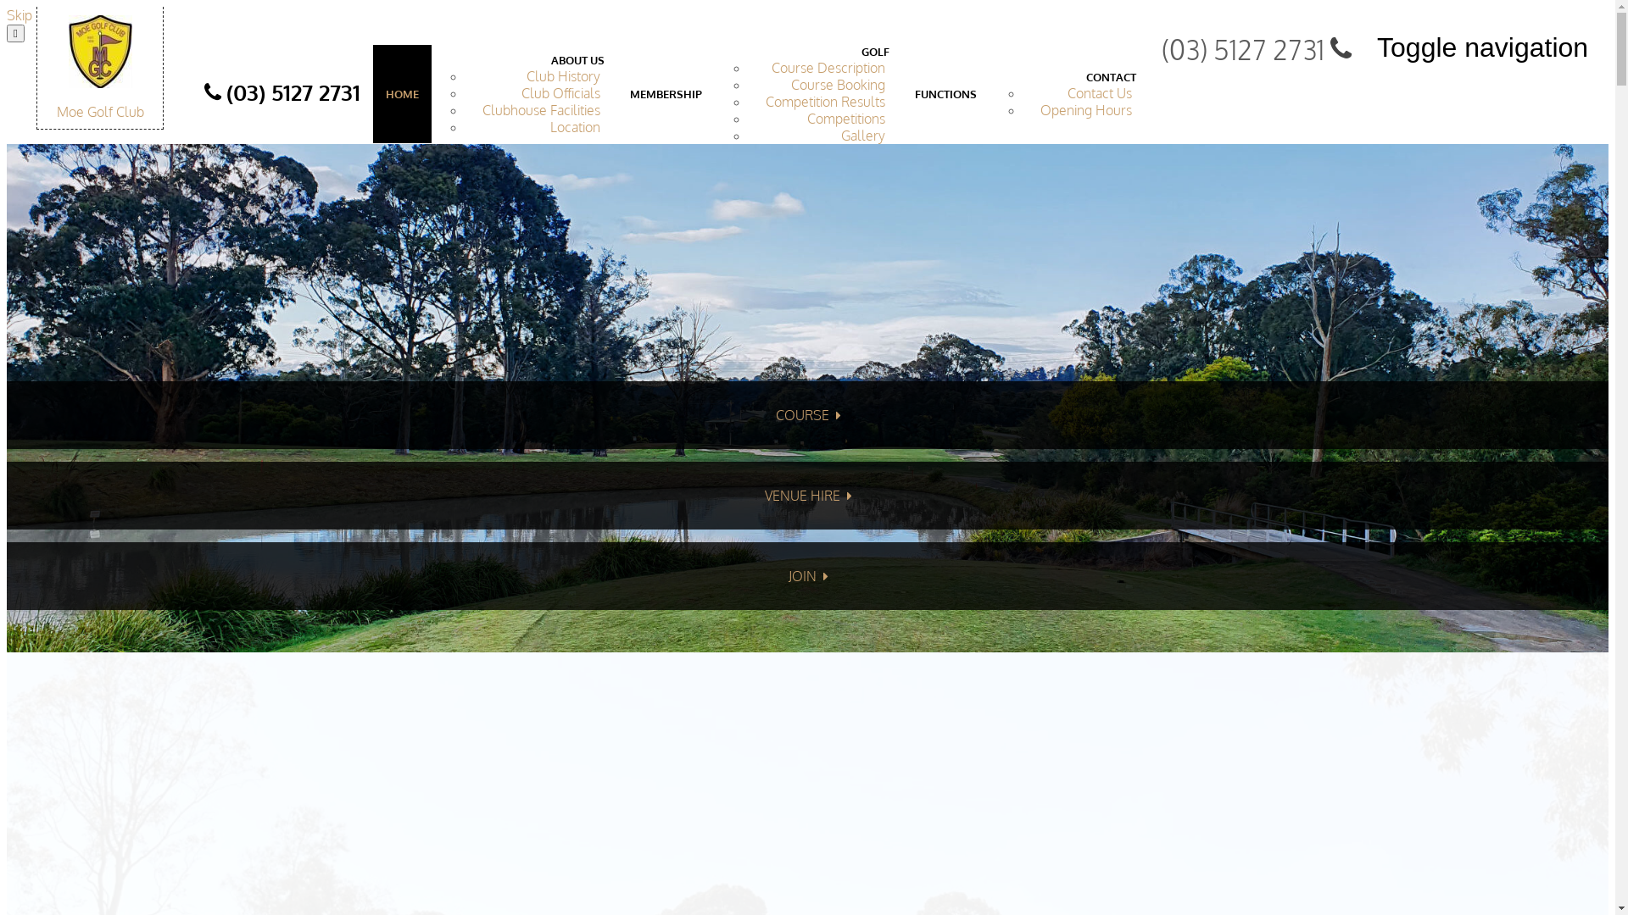  Describe the element at coordinates (1099, 93) in the screenshot. I see `'Contact Us'` at that location.